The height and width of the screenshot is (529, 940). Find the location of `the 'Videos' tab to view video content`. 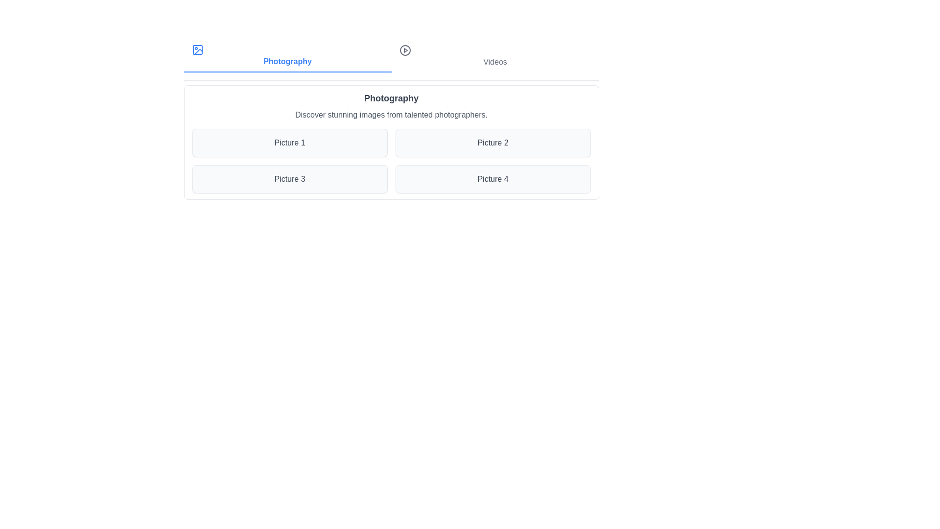

the 'Videos' tab to view video content is located at coordinates (495, 56).